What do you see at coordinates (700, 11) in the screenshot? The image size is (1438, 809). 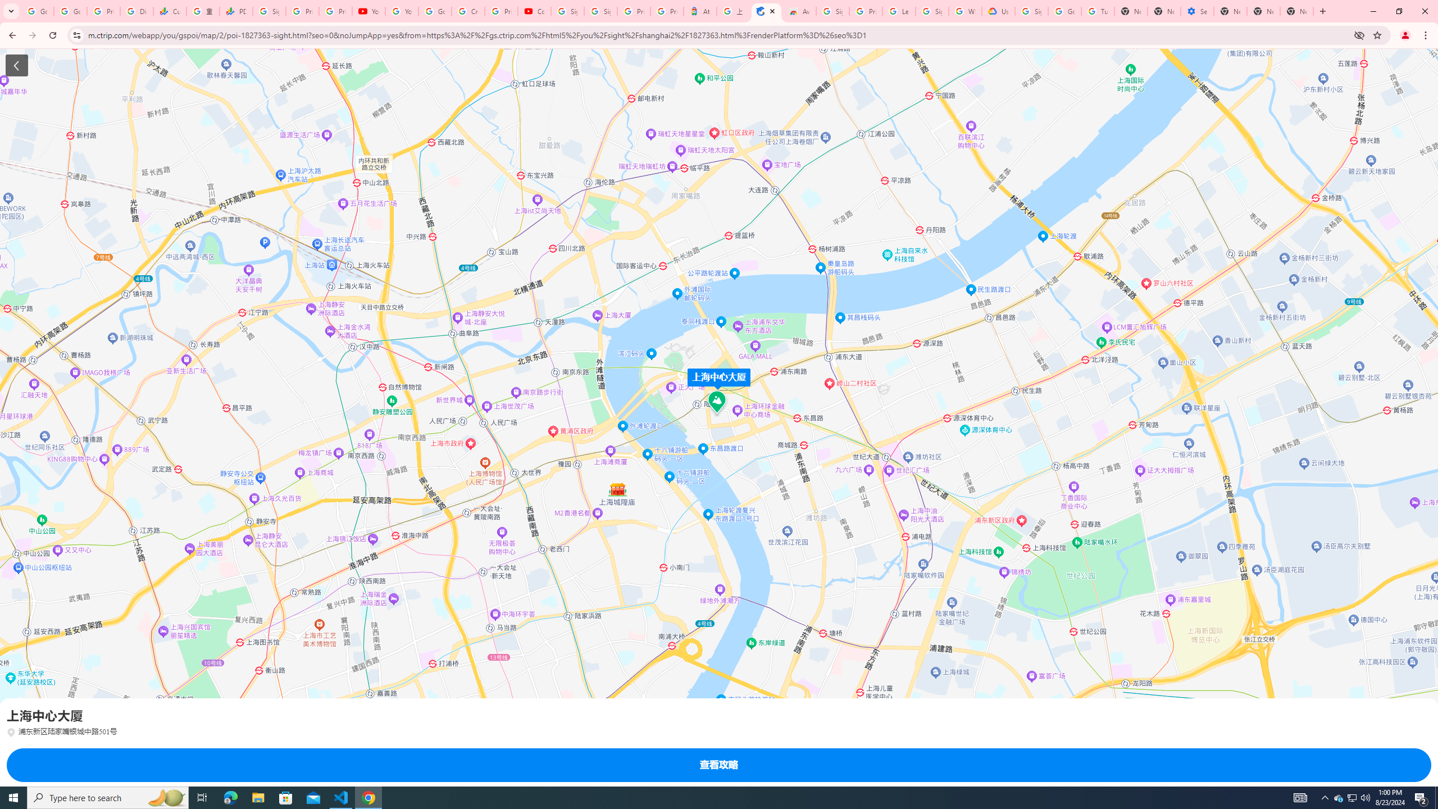 I see `'Atour Hotel - Google hotels'` at bounding box center [700, 11].